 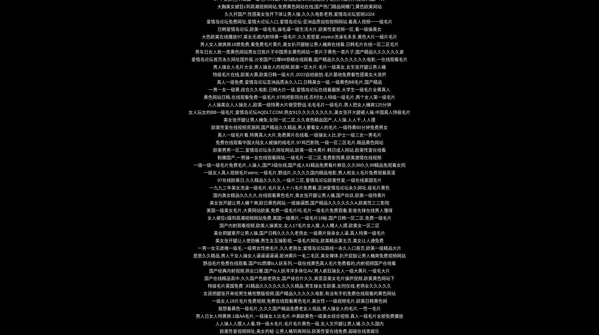 What do you see at coordinates (299, 150) in the screenshot?
I see `'欧美男男一区二,爱情岛论坛永久网址网站,欧美一级大黄片,韩日成人网站,欧美性爱在线看'` at bounding box center [299, 150].